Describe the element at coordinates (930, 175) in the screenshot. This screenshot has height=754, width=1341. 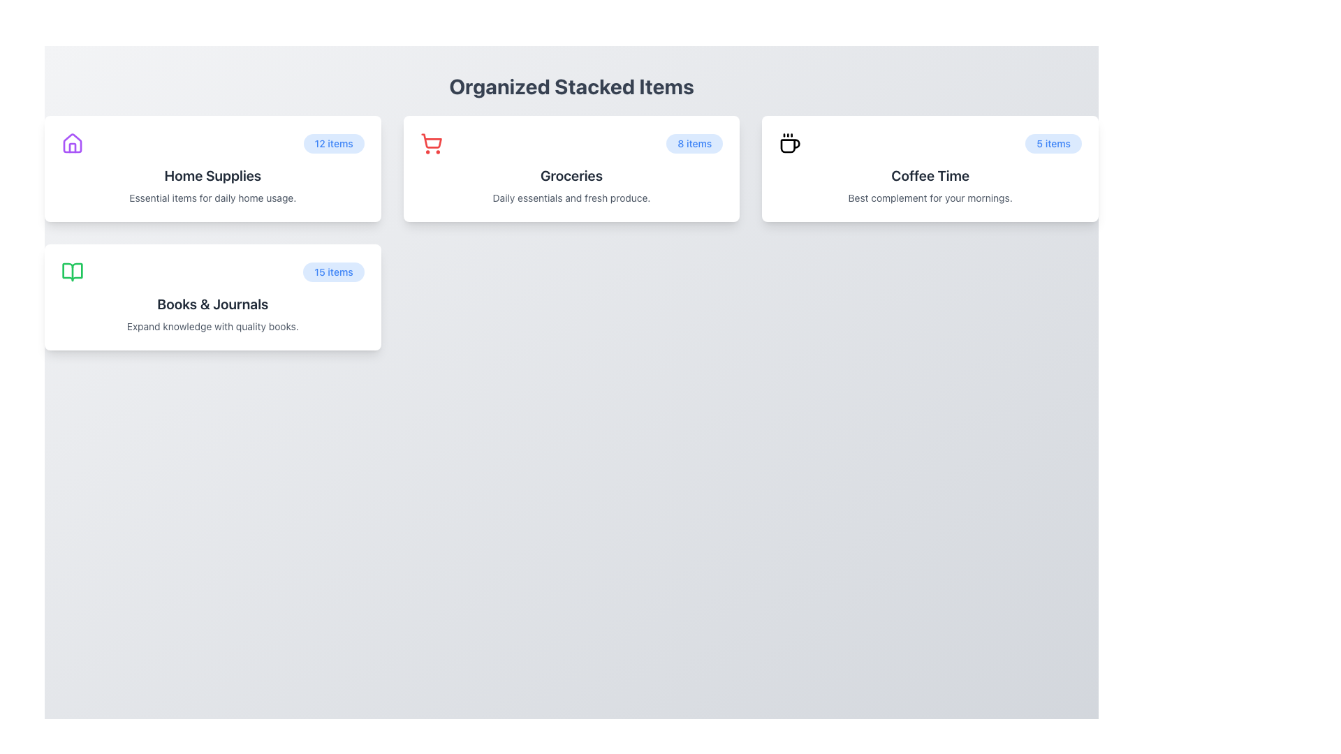
I see `the Text Label that serves as a title within its card, located at the top-right in a row of four cards, below the '5 items' label and above the subtitle, 'Best complement for your mornings.'` at that location.